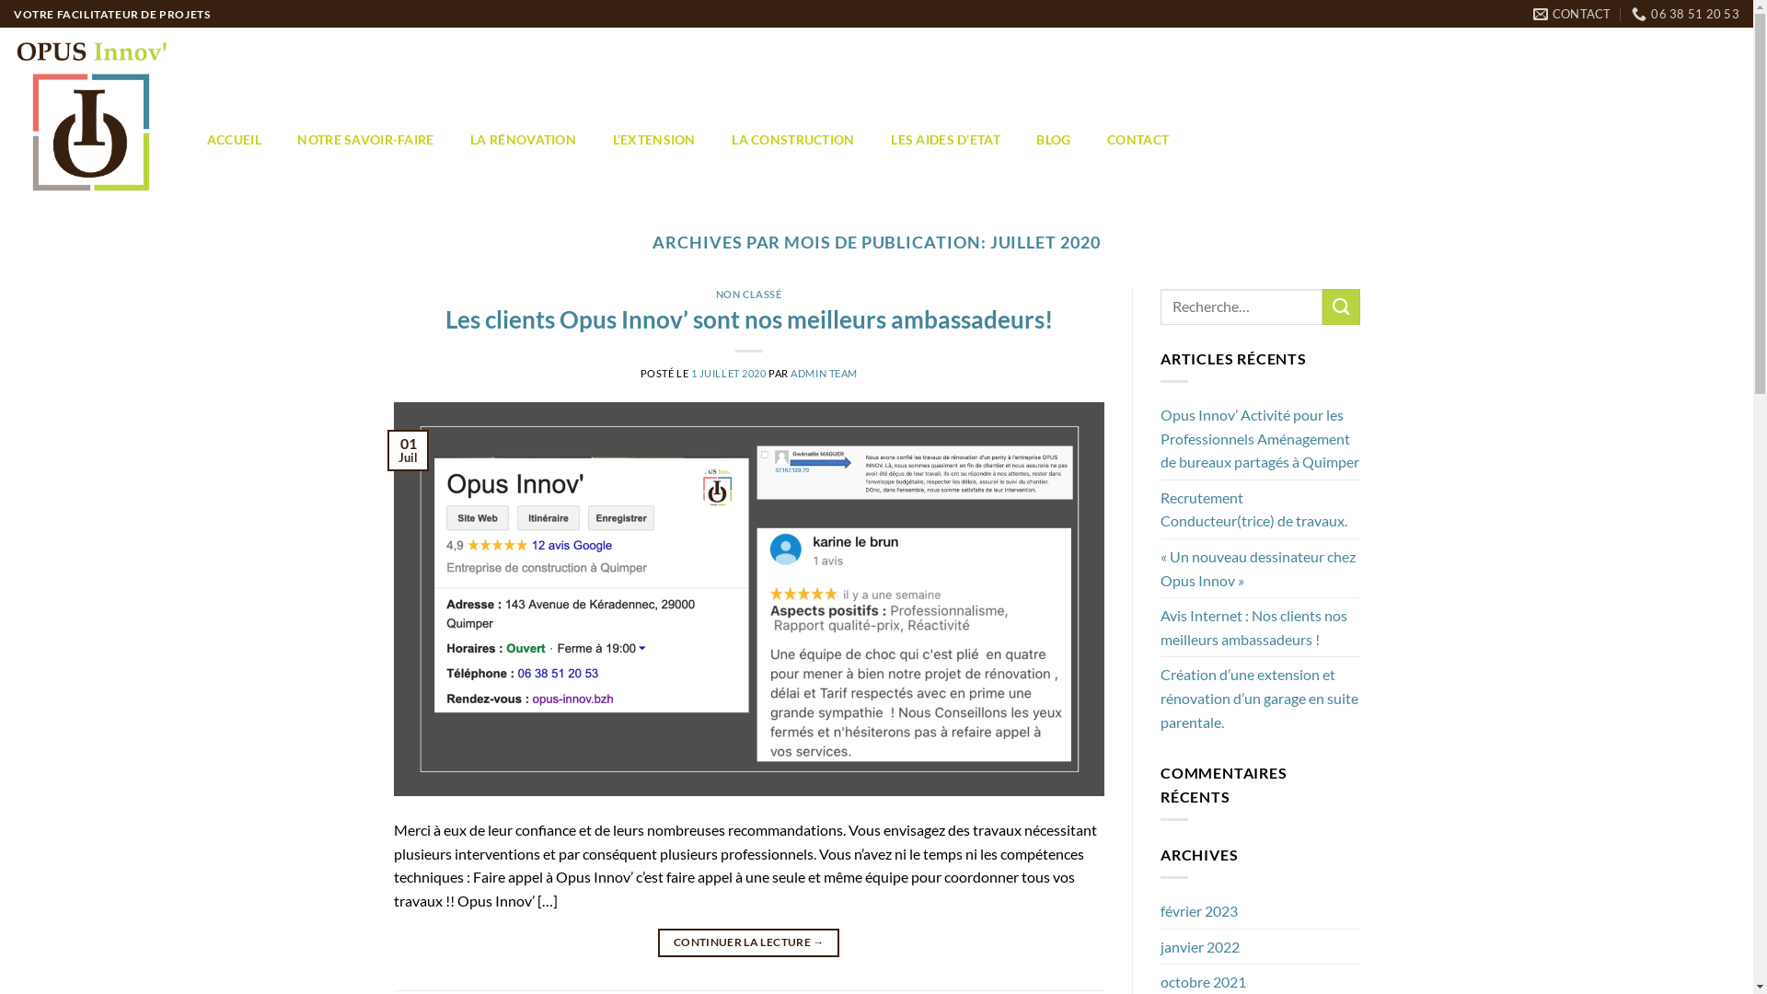  I want to click on 'CONTACT', so click(1571, 14).